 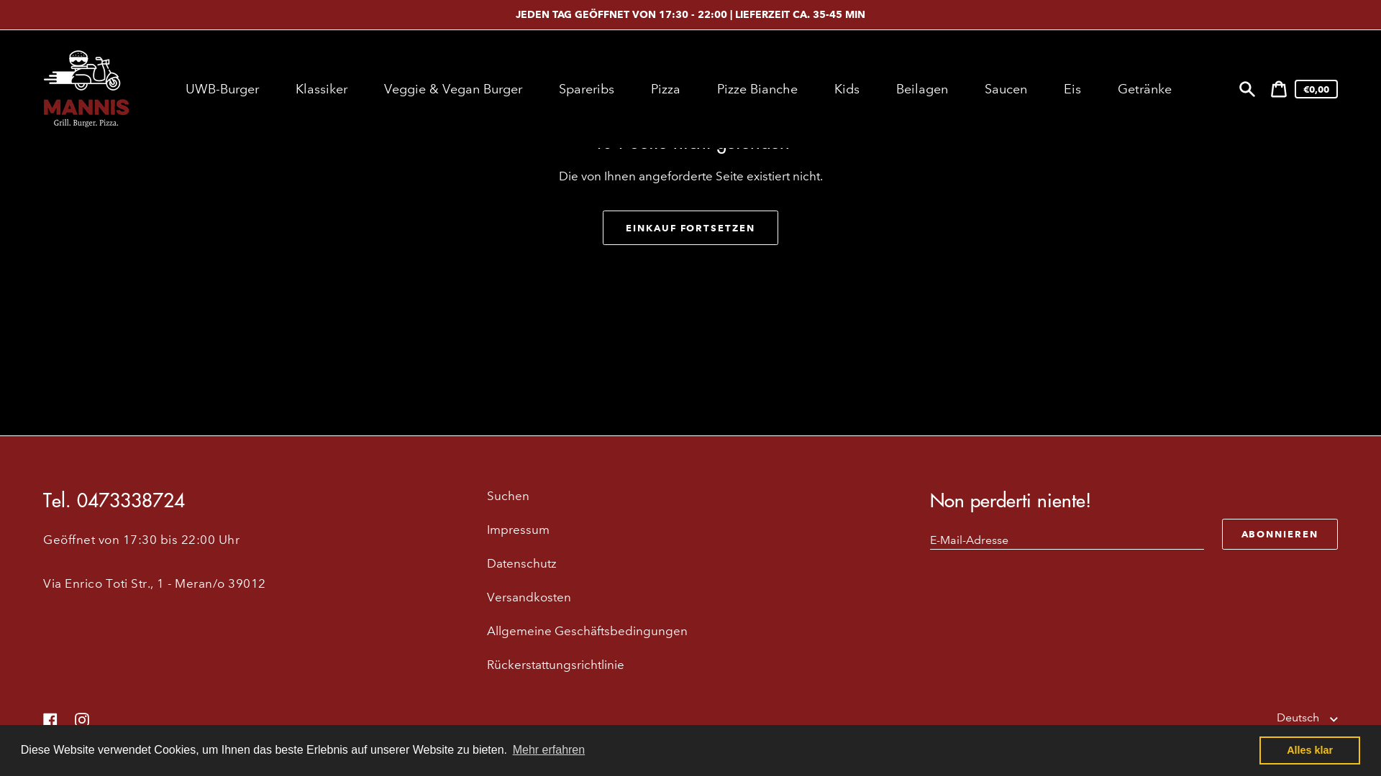 What do you see at coordinates (1074, 88) in the screenshot?
I see `'Eis'` at bounding box center [1074, 88].